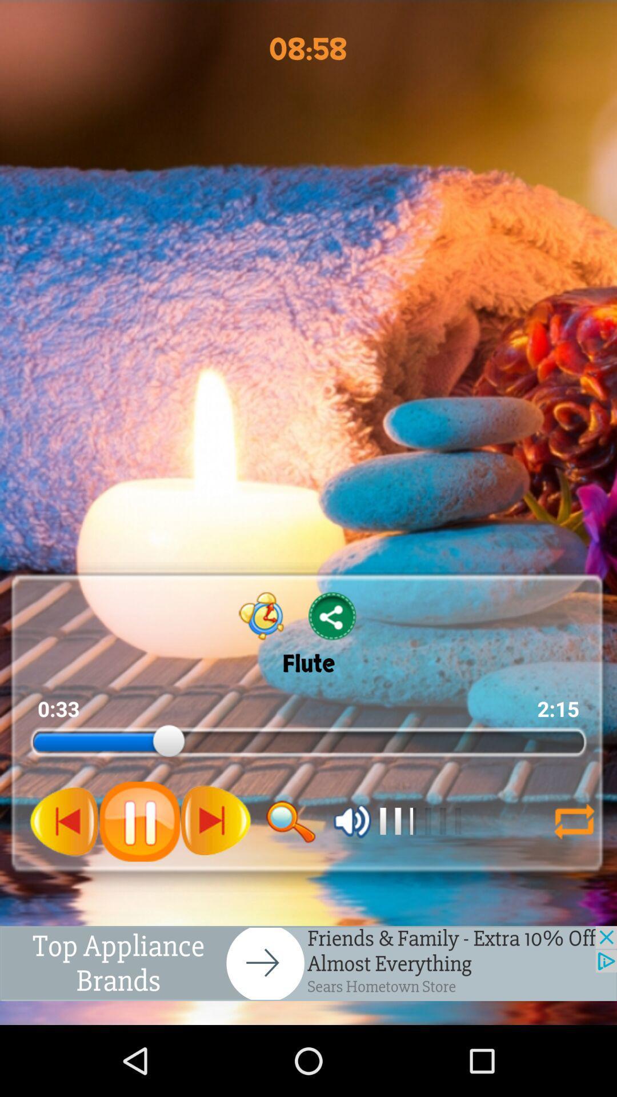  I want to click on the repeat icon, so click(569, 878).